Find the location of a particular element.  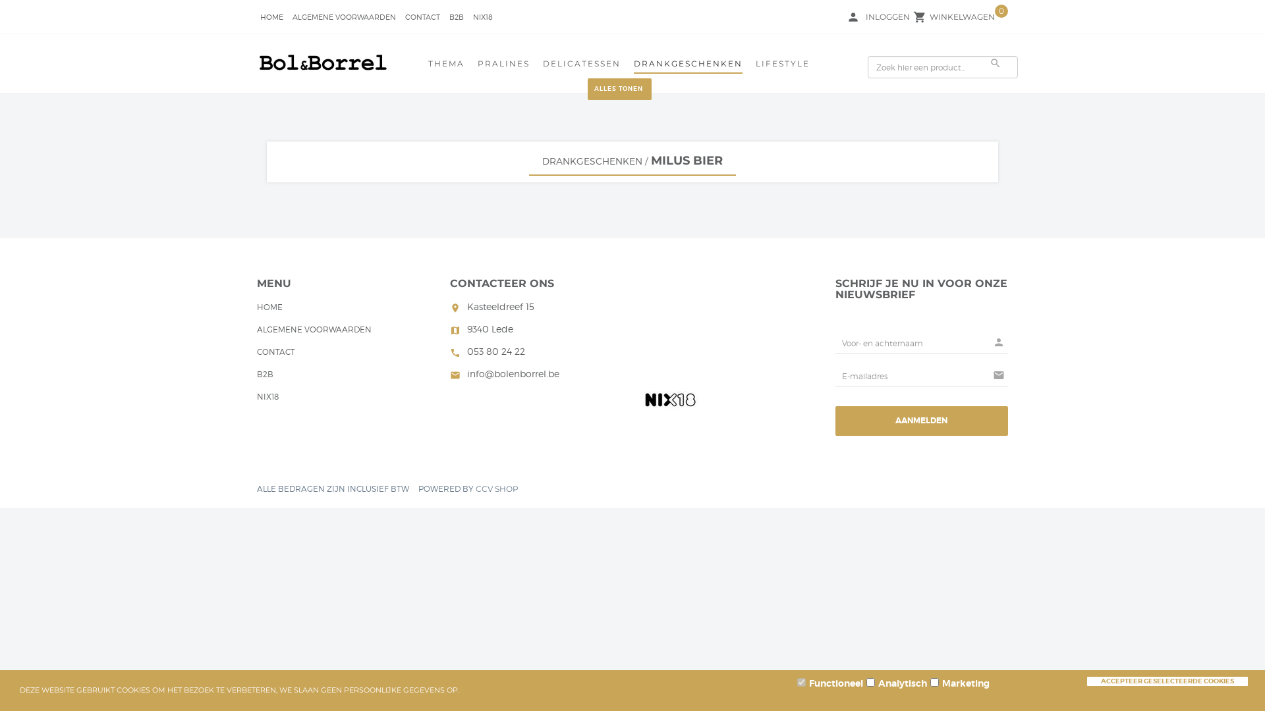

'ALLES TONEN' is located at coordinates (587, 89).